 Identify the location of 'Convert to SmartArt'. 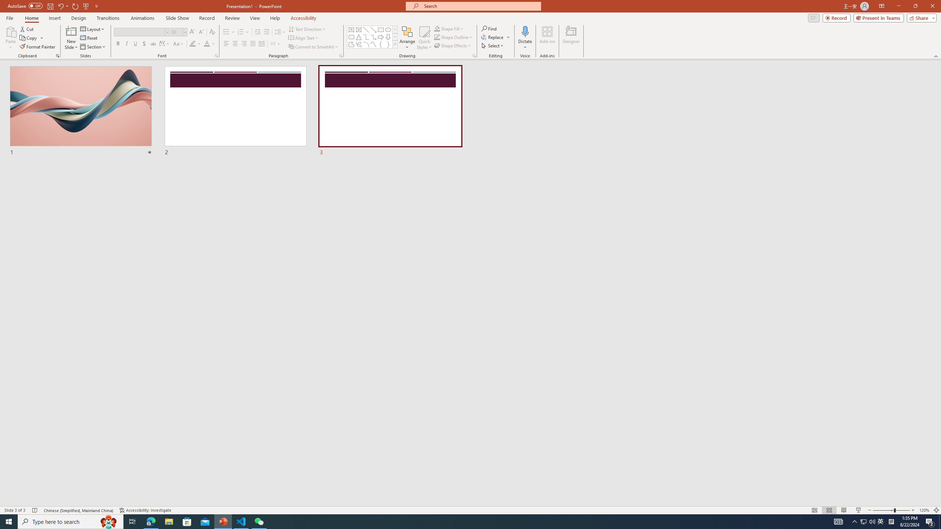
(313, 47).